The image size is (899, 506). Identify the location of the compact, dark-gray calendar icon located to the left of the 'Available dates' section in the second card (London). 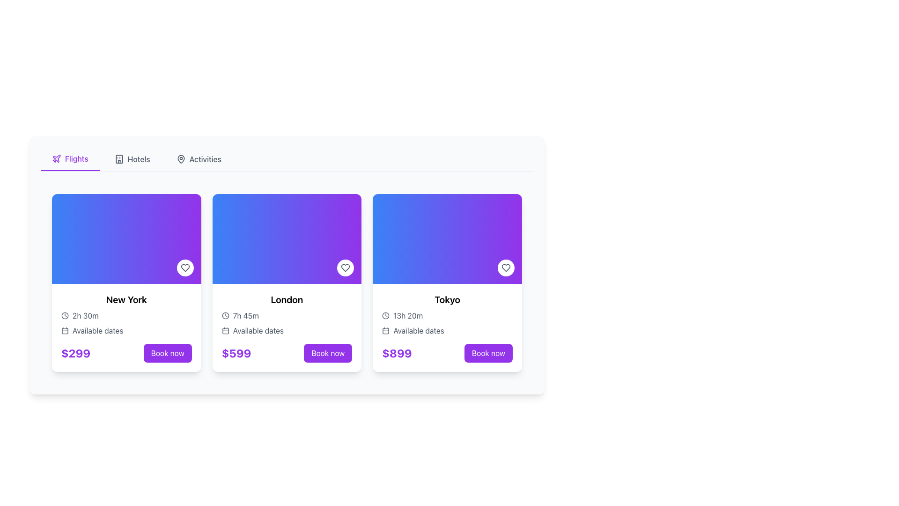
(225, 330).